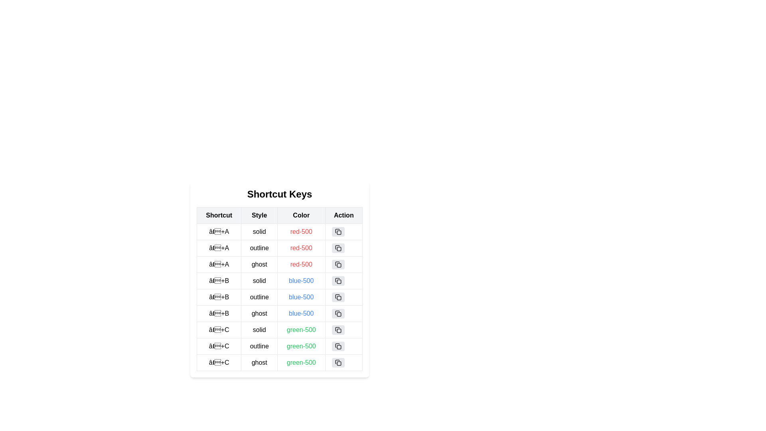  Describe the element at coordinates (338, 330) in the screenshot. I see `the button with a light gray background and rounded corners that contains a black stroke copy icon, located in the 'Action' column of the row labeled with Shortcut '⌘+C'` at that location.